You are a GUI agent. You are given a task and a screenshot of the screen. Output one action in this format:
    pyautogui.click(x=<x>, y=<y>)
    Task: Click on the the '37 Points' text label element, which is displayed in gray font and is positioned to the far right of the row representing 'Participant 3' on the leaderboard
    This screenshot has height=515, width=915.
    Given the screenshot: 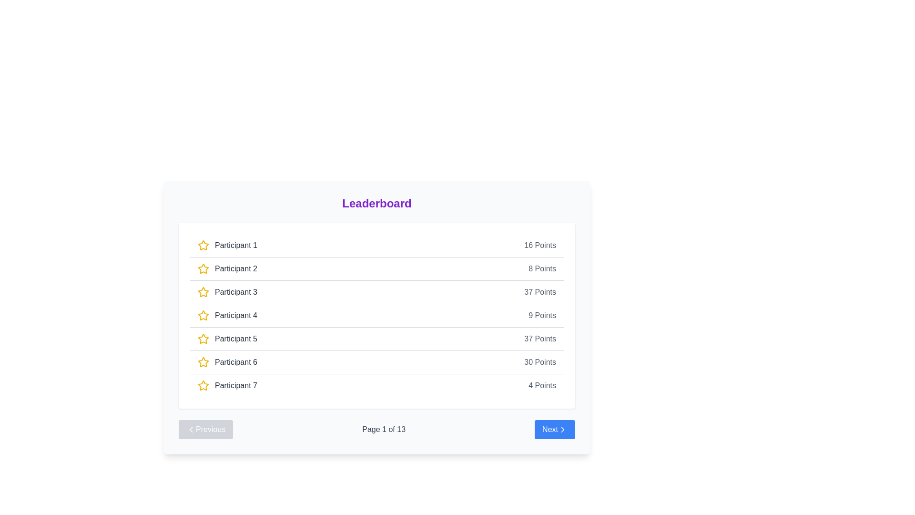 What is the action you would take?
    pyautogui.click(x=540, y=292)
    